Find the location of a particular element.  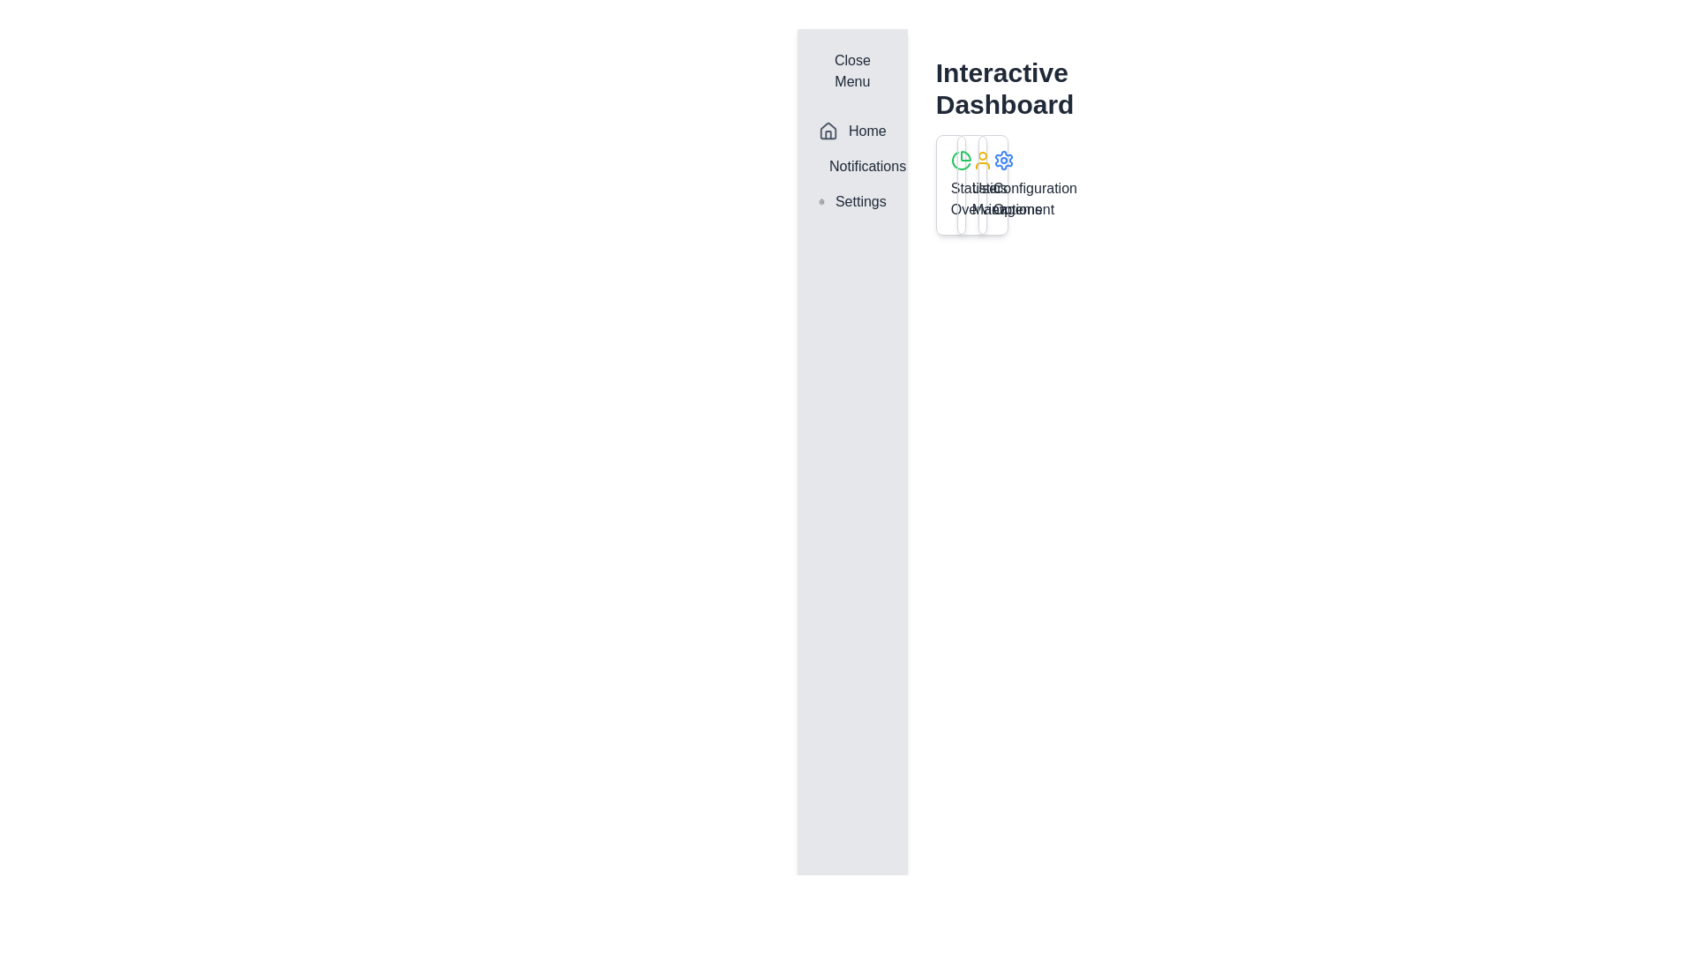

the 'Home' menu item in the vertical sidebar, which is the first entry and features a house icon and bold dark gray text is located at coordinates (852, 131).